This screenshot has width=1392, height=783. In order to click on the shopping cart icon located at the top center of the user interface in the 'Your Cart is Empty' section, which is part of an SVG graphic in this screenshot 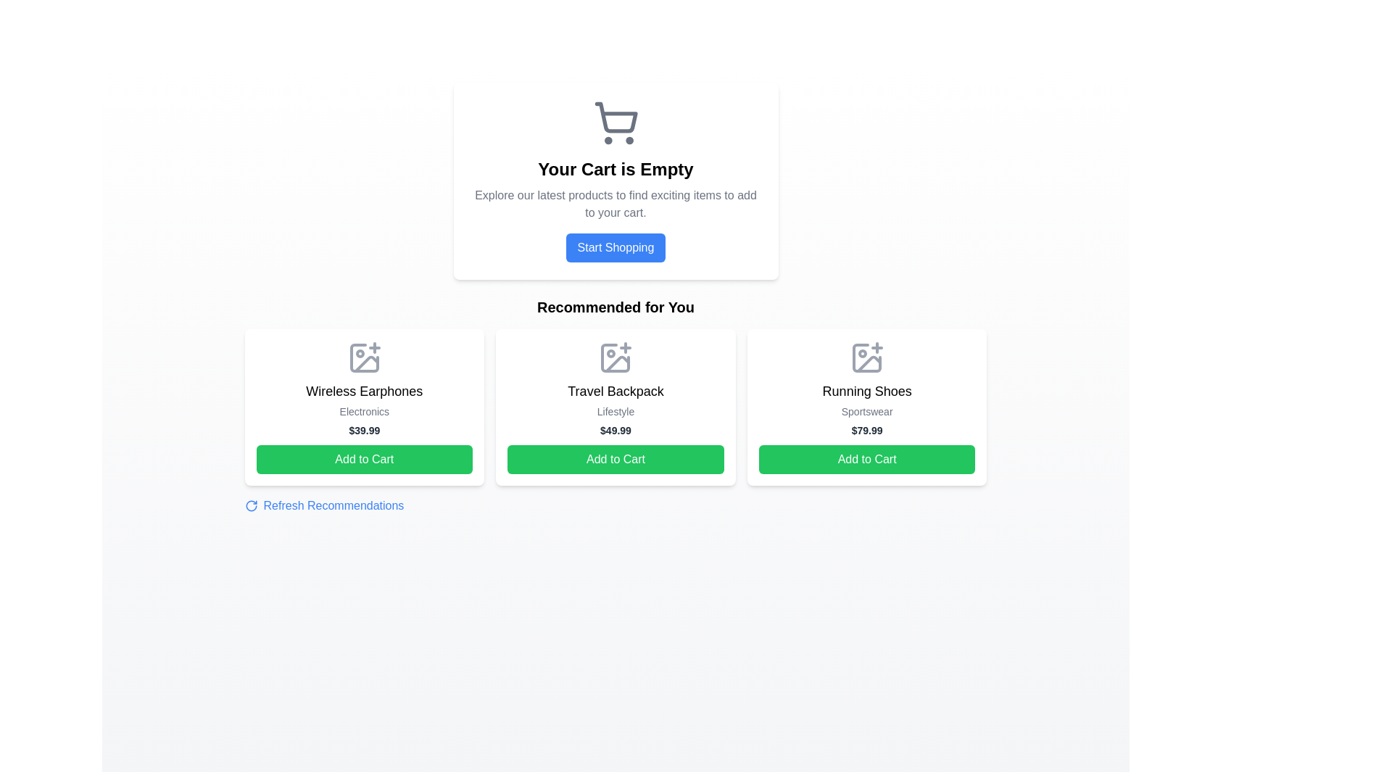, I will do `click(616, 117)`.